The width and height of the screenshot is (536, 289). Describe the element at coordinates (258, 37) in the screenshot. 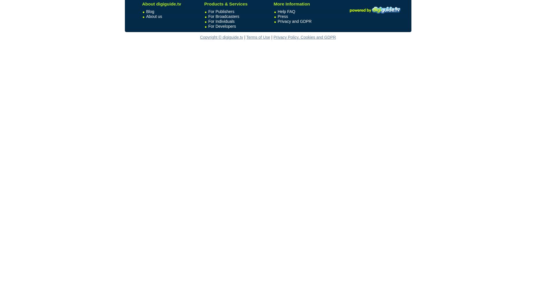

I see `'Terms of Use'` at that location.